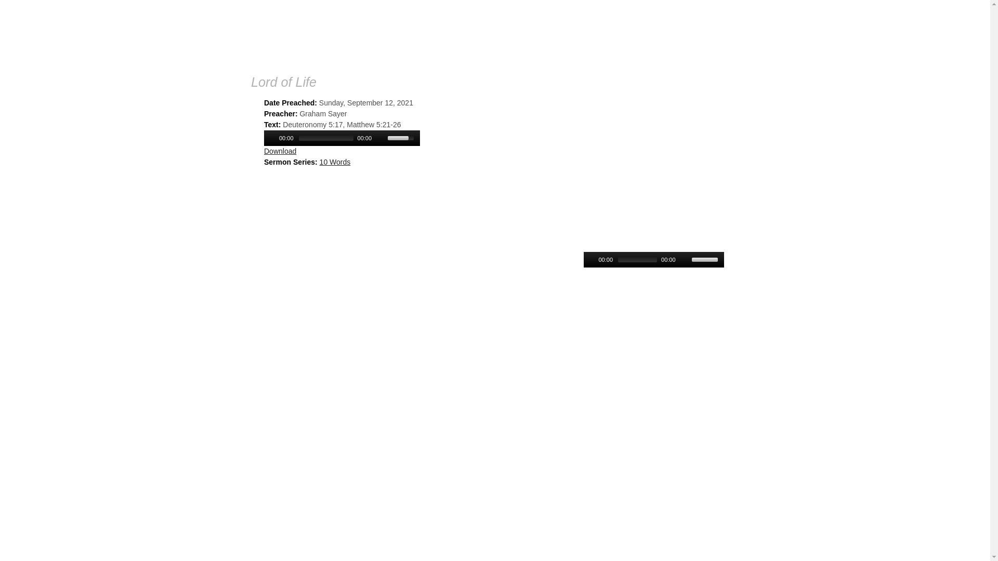 The width and height of the screenshot is (998, 561). Describe the element at coordinates (271, 138) in the screenshot. I see `'Play/Pause'` at that location.